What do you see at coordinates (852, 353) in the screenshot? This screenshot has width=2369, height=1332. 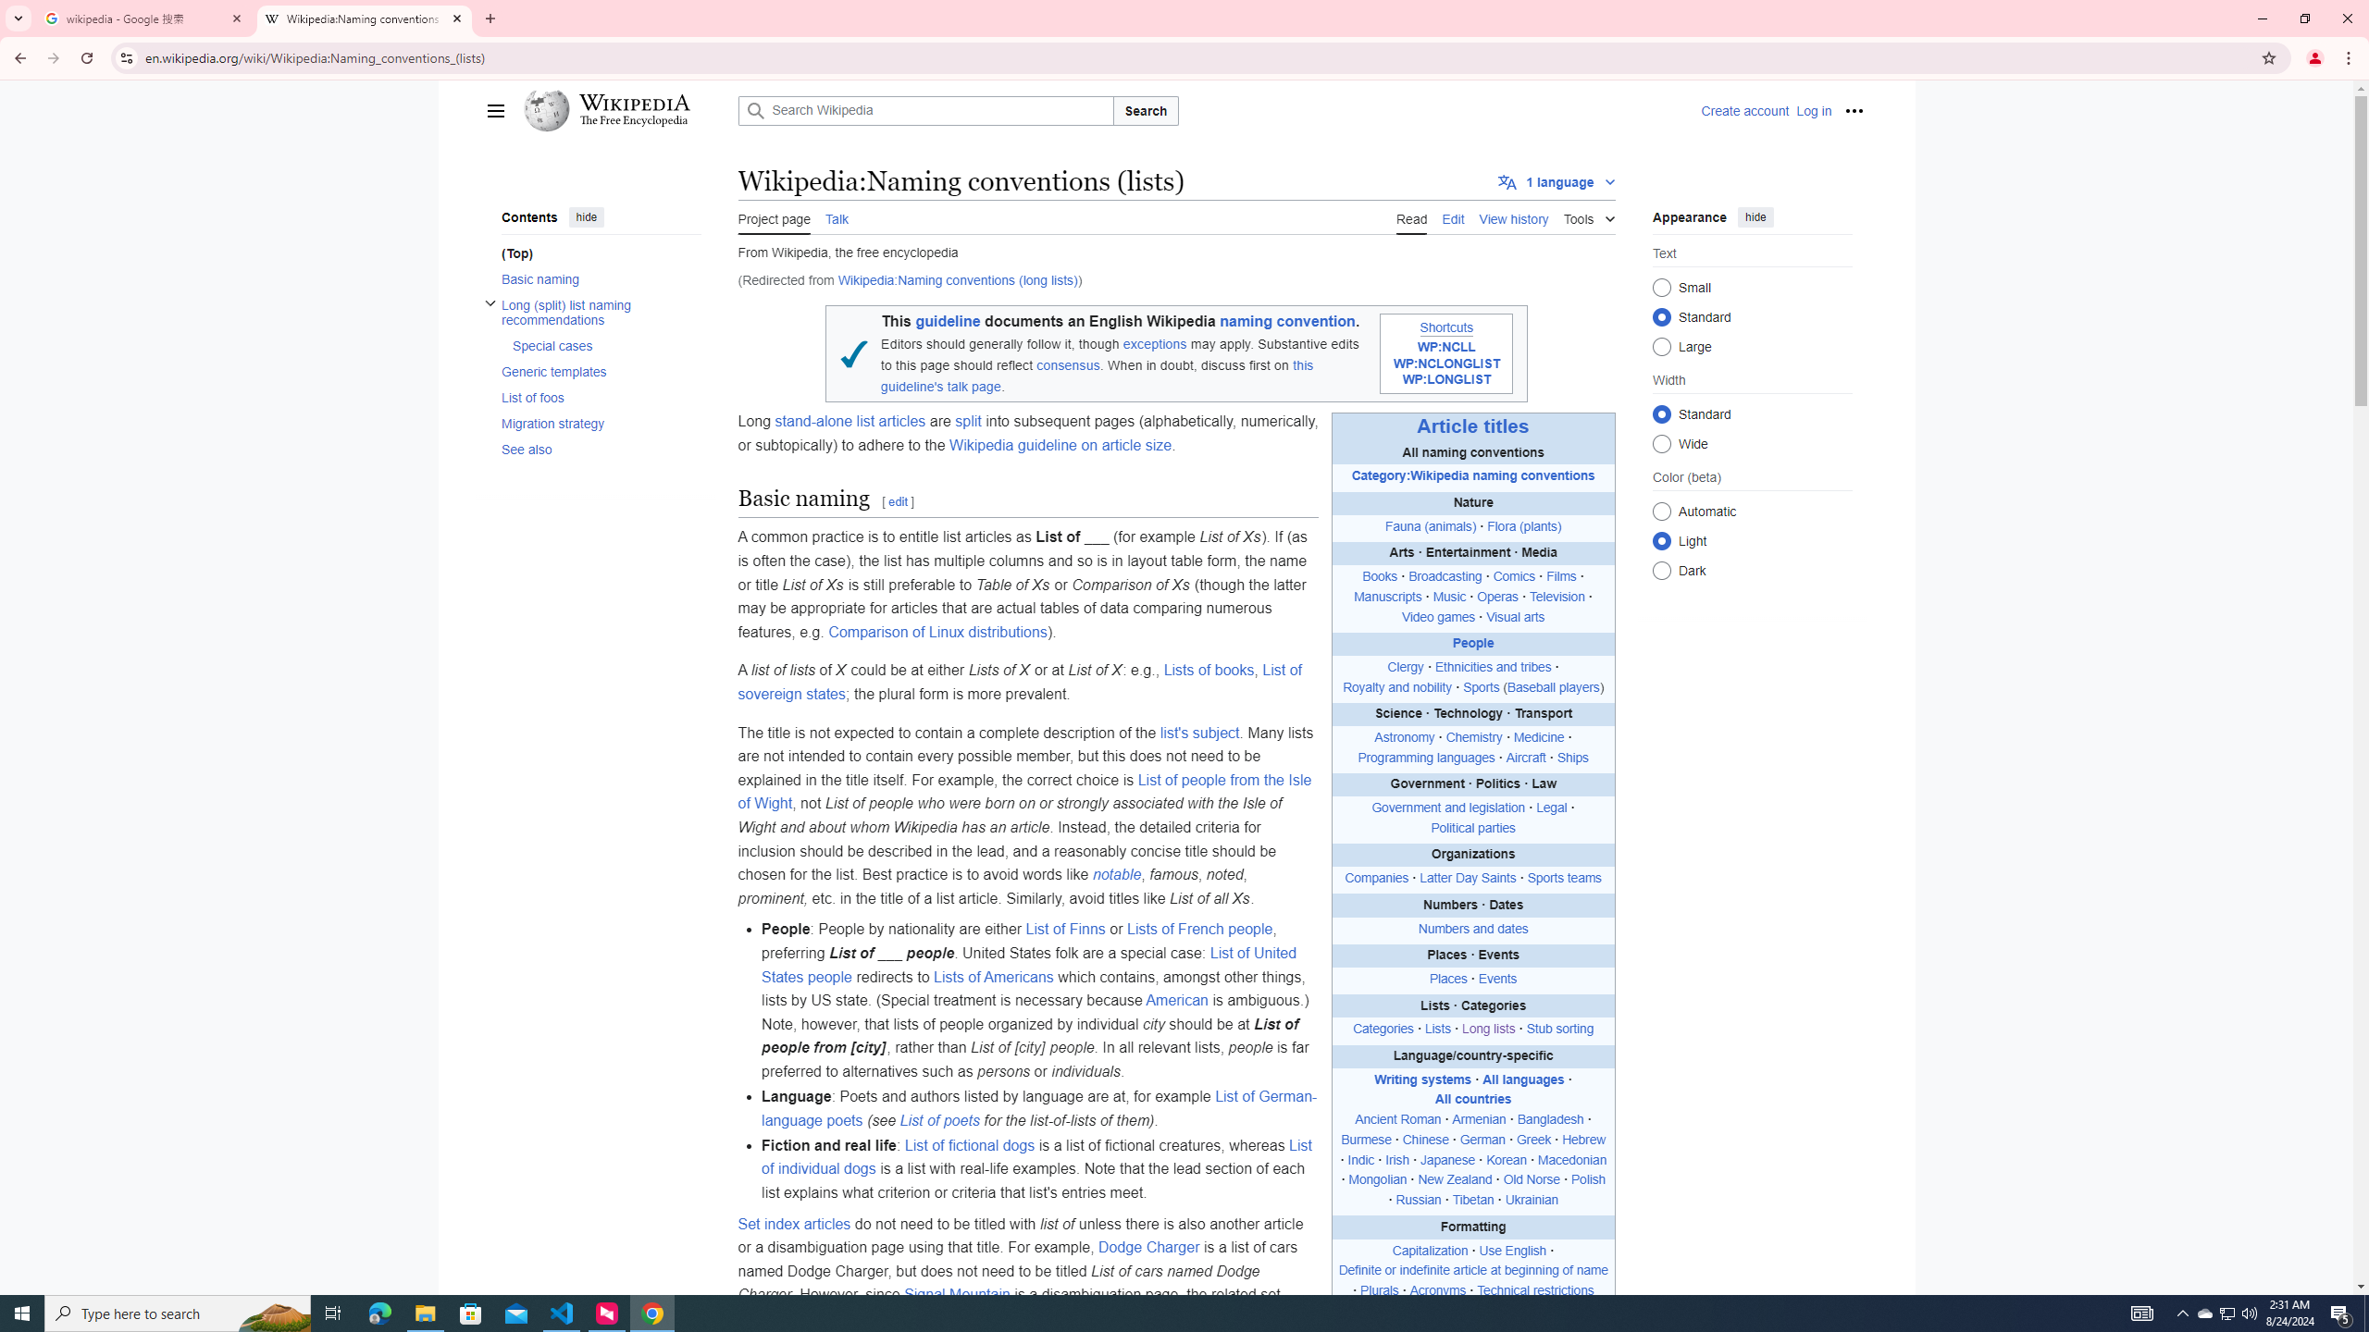 I see `'Blue tick'` at bounding box center [852, 353].